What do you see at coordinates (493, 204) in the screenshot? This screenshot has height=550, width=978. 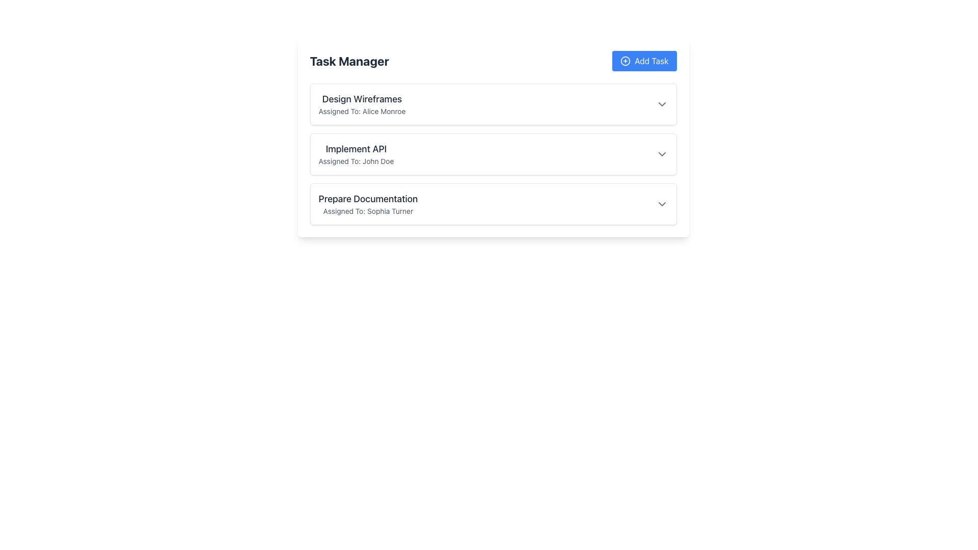 I see `the 'Prepare Documentation' task entry with dropdown functionality` at bounding box center [493, 204].